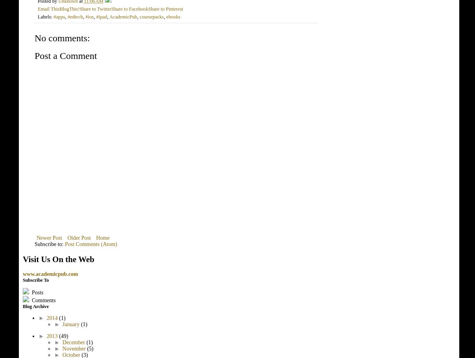 Image resolution: width=475 pixels, height=358 pixels. What do you see at coordinates (52, 336) in the screenshot?
I see `'2013'` at bounding box center [52, 336].